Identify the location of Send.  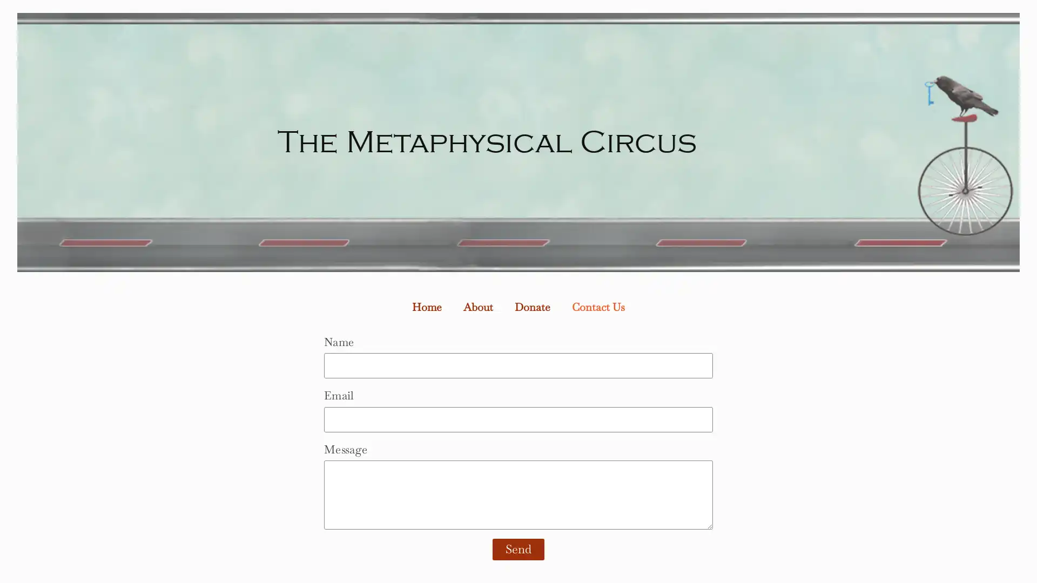
(518, 550).